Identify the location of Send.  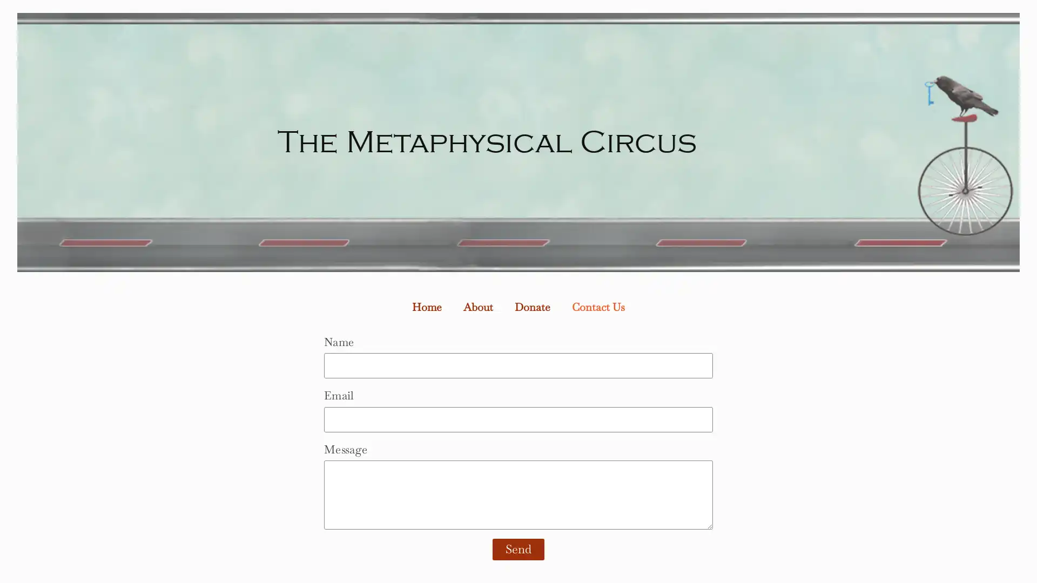
(518, 550).